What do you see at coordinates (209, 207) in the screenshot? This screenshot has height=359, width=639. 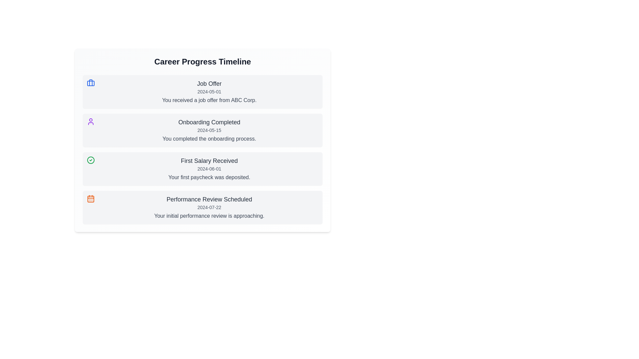 I see `informational block titled 'Performance Review Scheduled', which contains the date '2024-07-22' and the descriptive text 'Your initial performance review is approaching.'` at bounding box center [209, 207].